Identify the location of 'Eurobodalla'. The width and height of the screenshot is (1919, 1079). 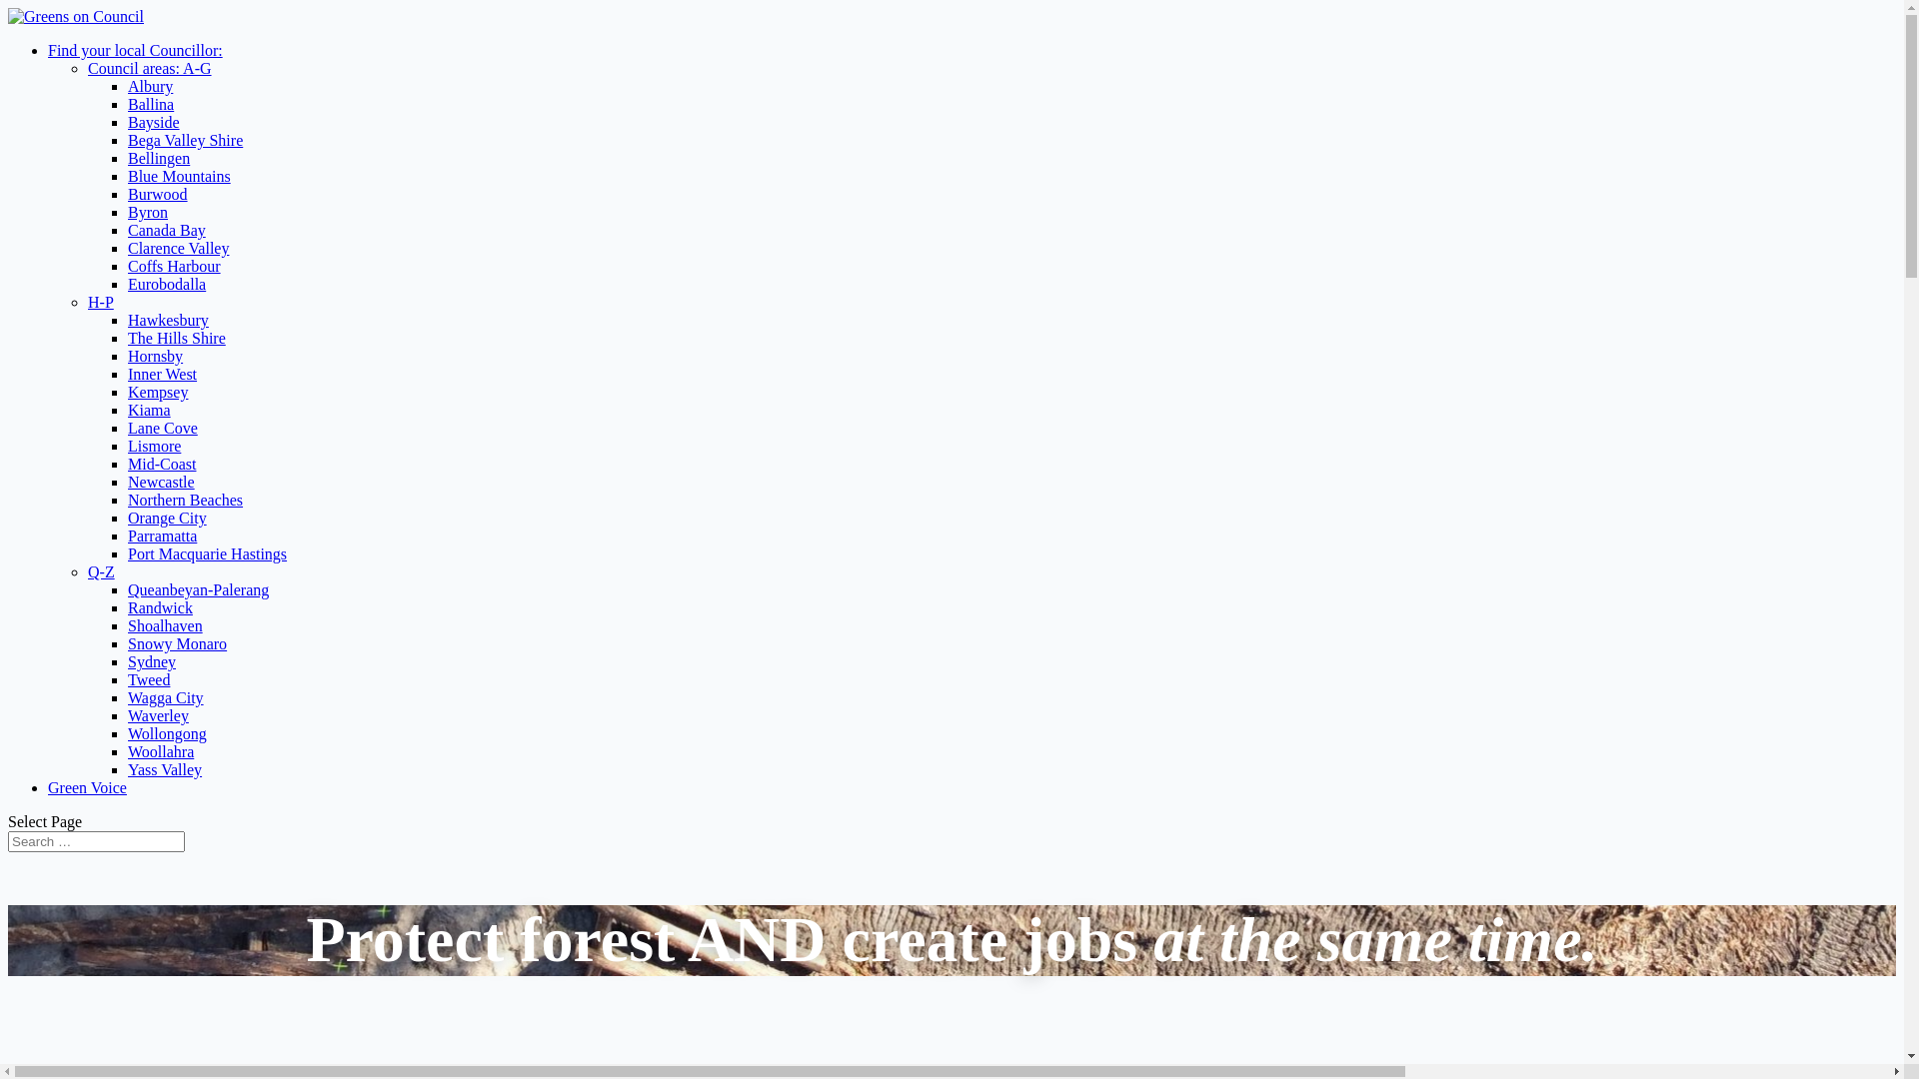
(127, 284).